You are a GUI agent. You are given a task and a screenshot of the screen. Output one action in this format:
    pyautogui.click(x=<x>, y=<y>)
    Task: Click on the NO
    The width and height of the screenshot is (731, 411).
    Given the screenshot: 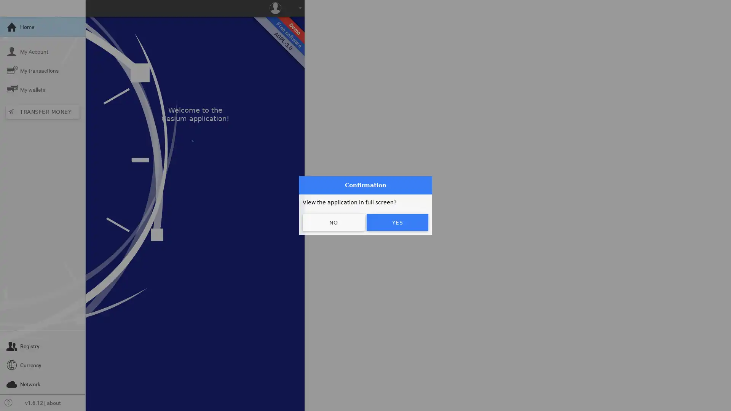 What is the action you would take?
    pyautogui.click(x=333, y=222)
    